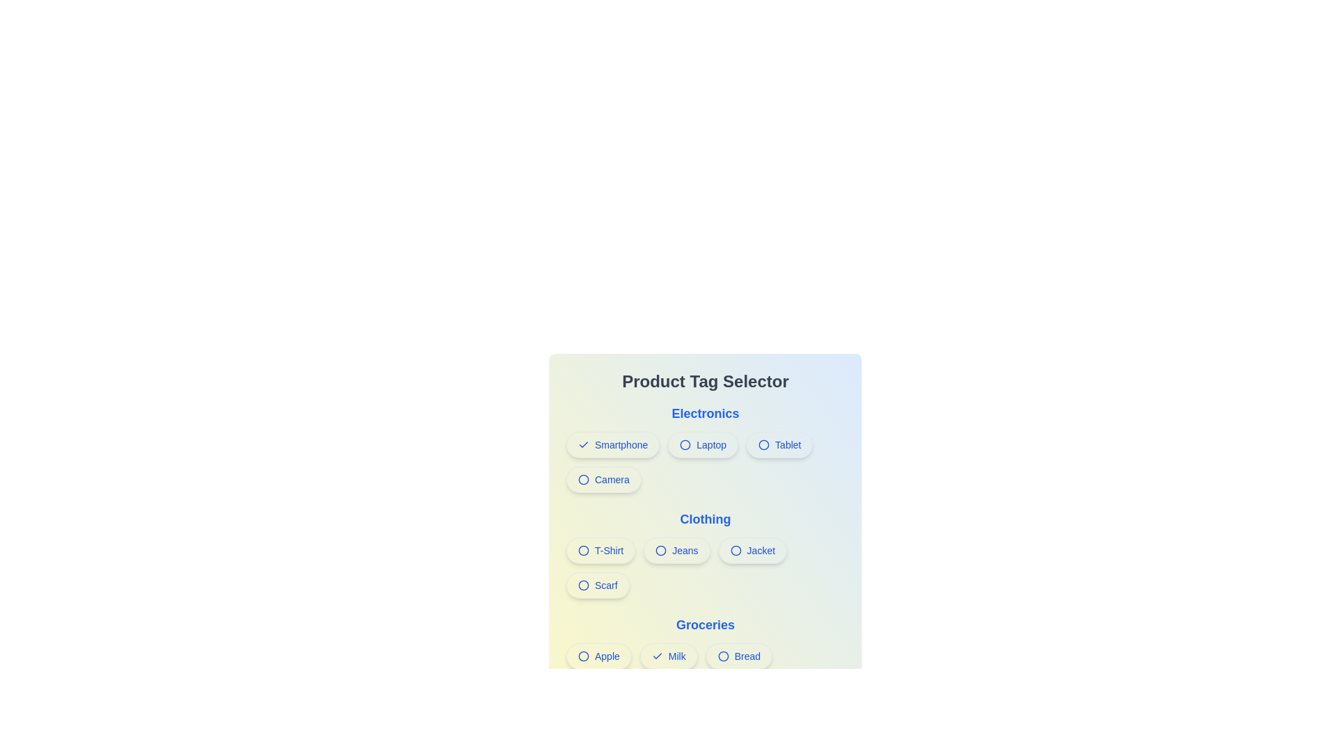 The width and height of the screenshot is (1336, 751). Describe the element at coordinates (735, 549) in the screenshot. I see `the unselected radio button circle located to the left of the 'Jacket' text label in the 'Clothing' category to make a selection` at that location.